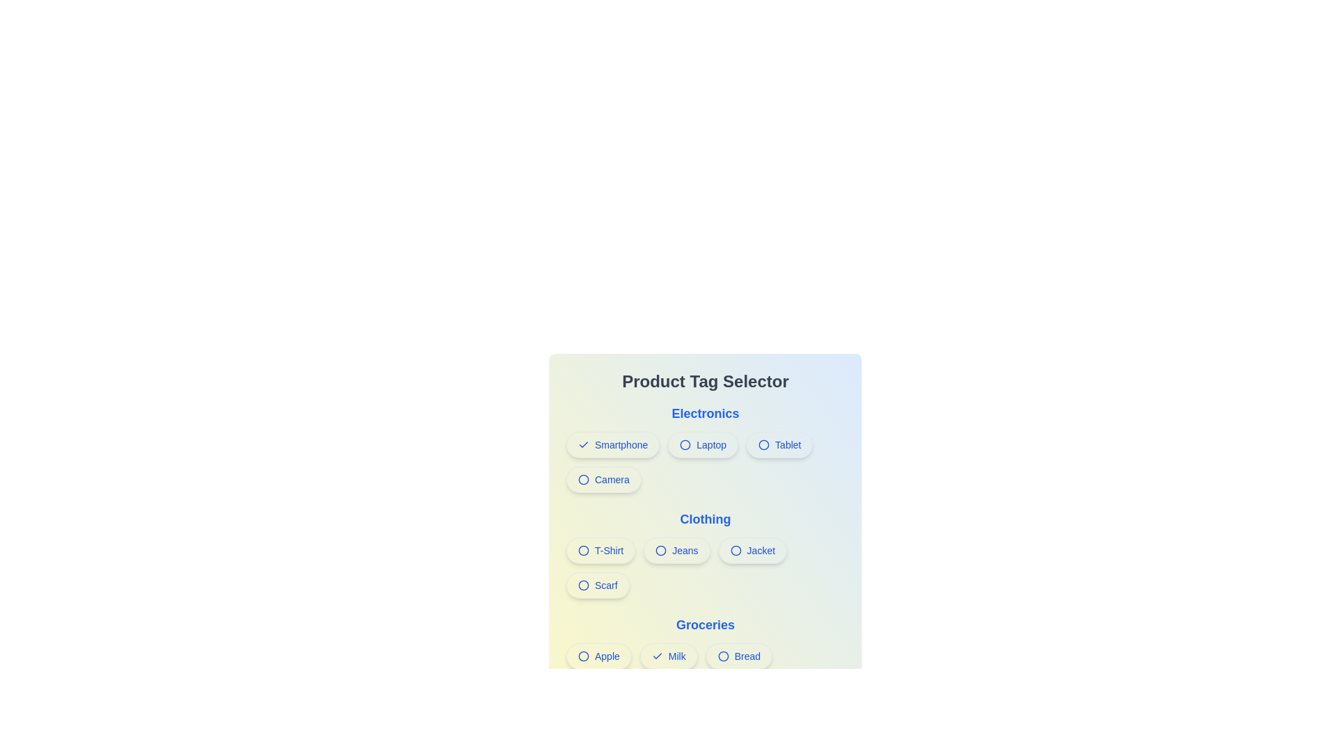 The width and height of the screenshot is (1336, 751). Describe the element at coordinates (735, 549) in the screenshot. I see `the unselected radio button circle located to the left of the 'Jacket' text label in the 'Clothing' category to make a selection` at that location.